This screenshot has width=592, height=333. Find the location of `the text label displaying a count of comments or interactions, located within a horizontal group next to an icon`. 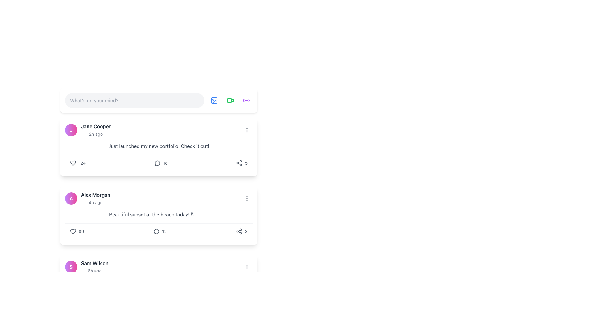

the text label displaying a count of comments or interactions, located within a horizontal group next to an icon is located at coordinates (164, 232).